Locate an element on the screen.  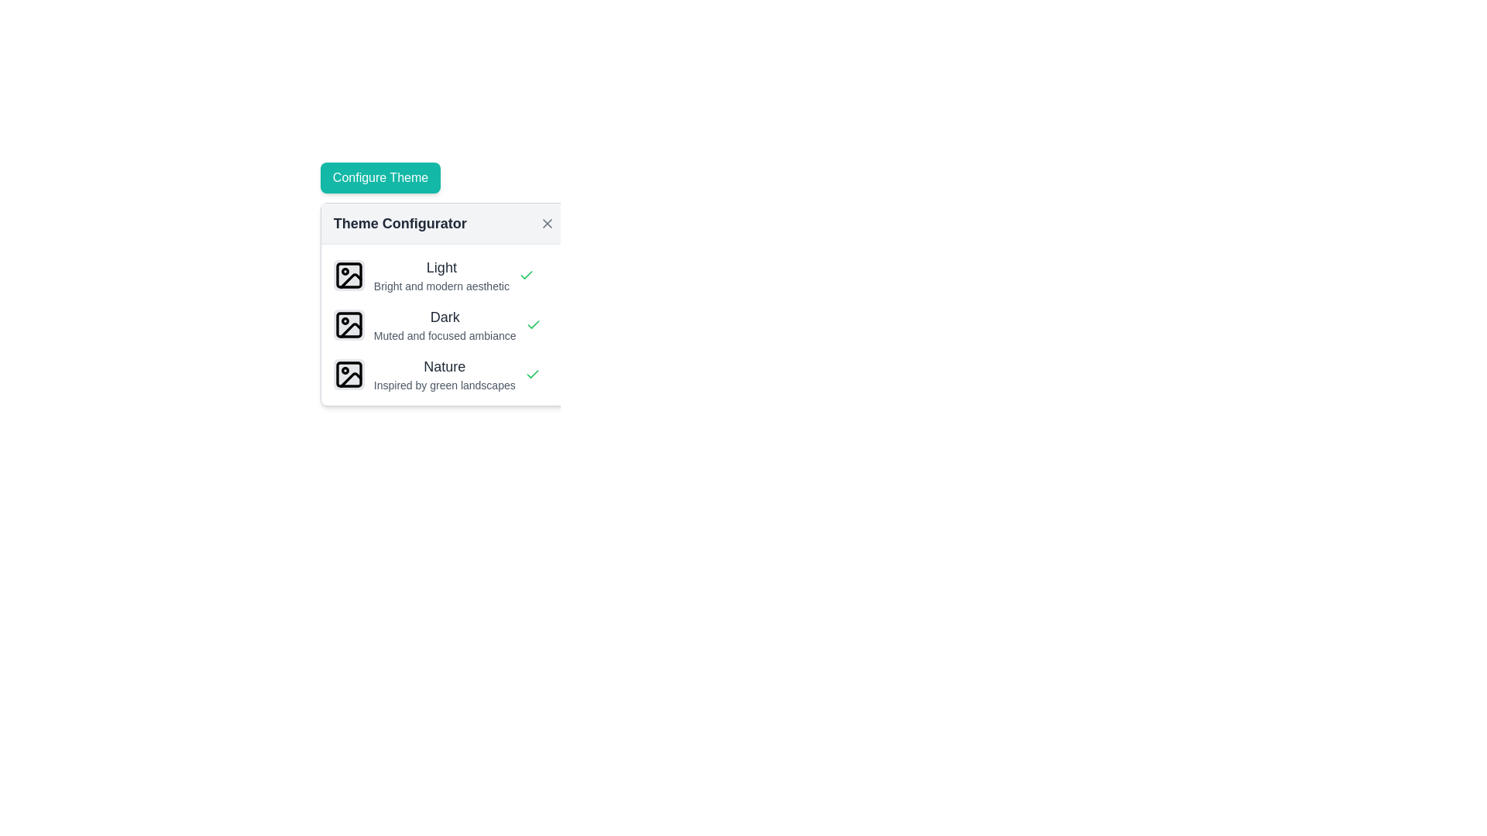
the small decorative 'X' button located in the top-right corner of the 'Theme Configurator' header section is located at coordinates (547, 224).